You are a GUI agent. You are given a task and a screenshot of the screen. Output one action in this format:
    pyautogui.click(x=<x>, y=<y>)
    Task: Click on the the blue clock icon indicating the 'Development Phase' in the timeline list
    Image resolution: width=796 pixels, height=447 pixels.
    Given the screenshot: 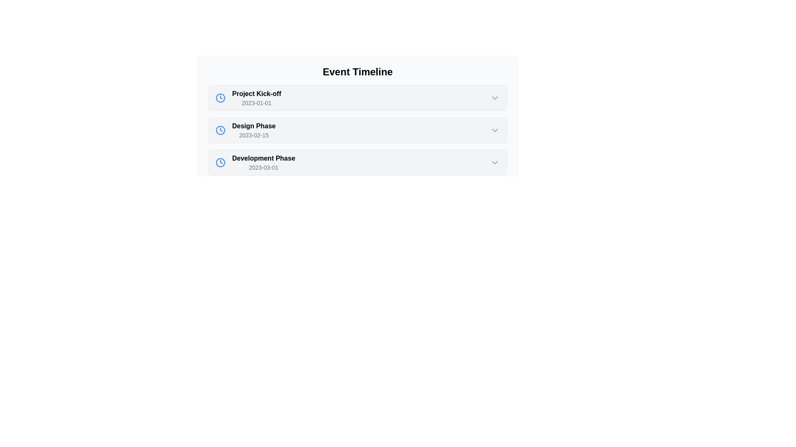 What is the action you would take?
    pyautogui.click(x=221, y=163)
    